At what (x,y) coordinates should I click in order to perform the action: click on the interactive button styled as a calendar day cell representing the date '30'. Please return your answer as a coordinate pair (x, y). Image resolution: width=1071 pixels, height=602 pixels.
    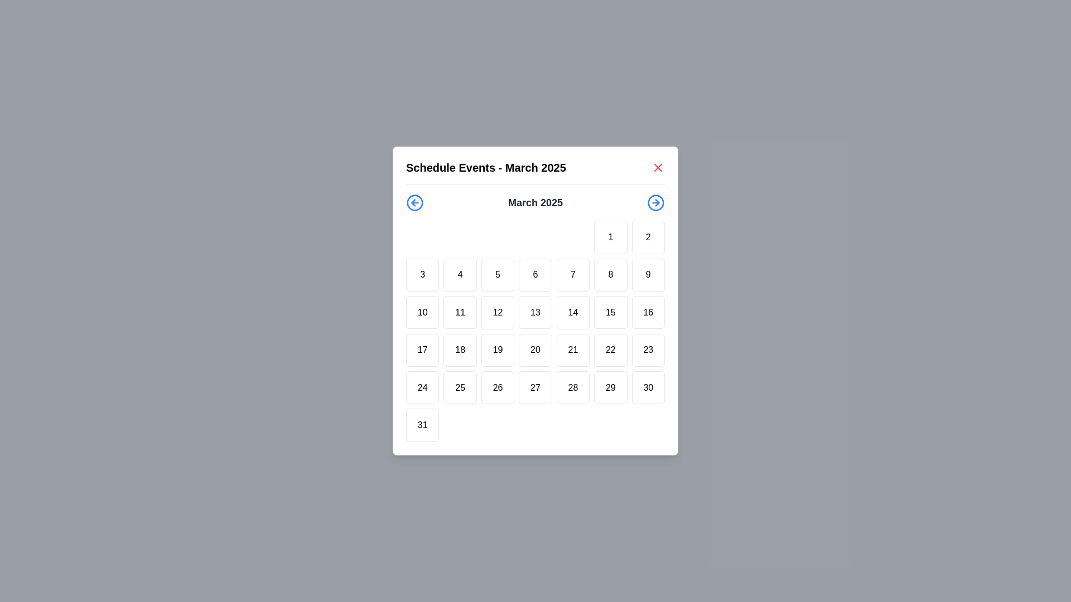
    Looking at the image, I should click on (648, 387).